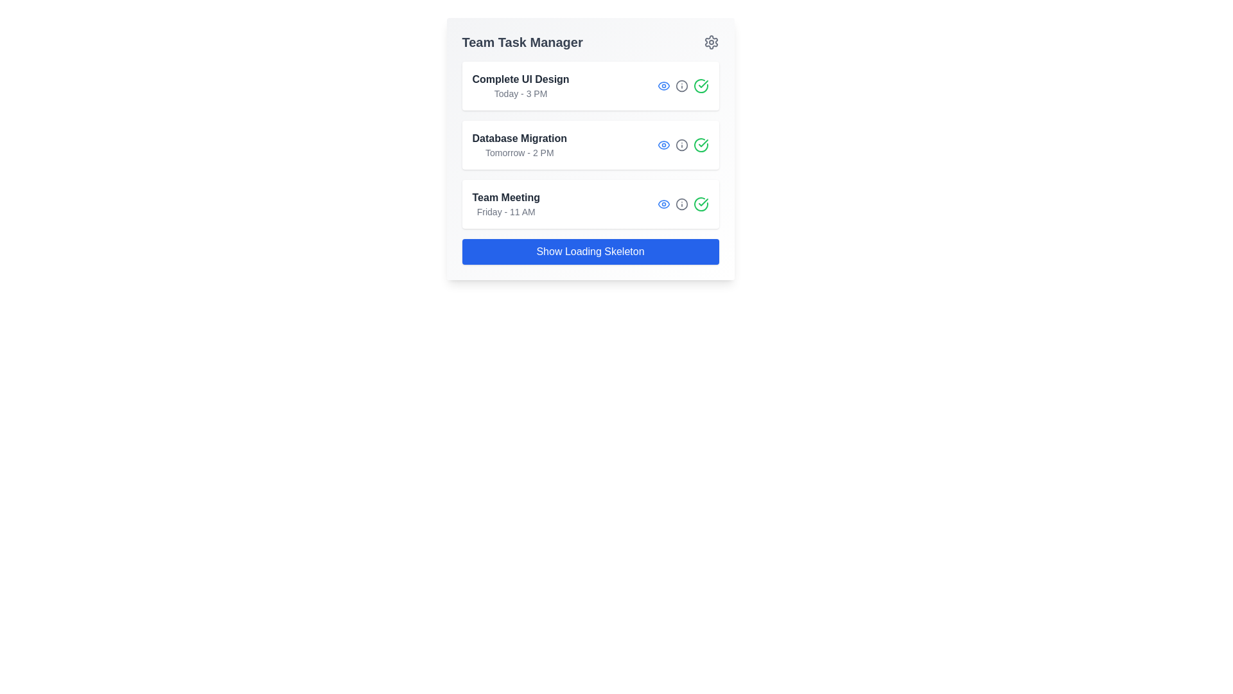 Image resolution: width=1233 pixels, height=694 pixels. Describe the element at coordinates (702, 143) in the screenshot. I see `the green checkmark icon within the circular frame, positioned to the right side of the task item 'Complete UI Design'` at that location.